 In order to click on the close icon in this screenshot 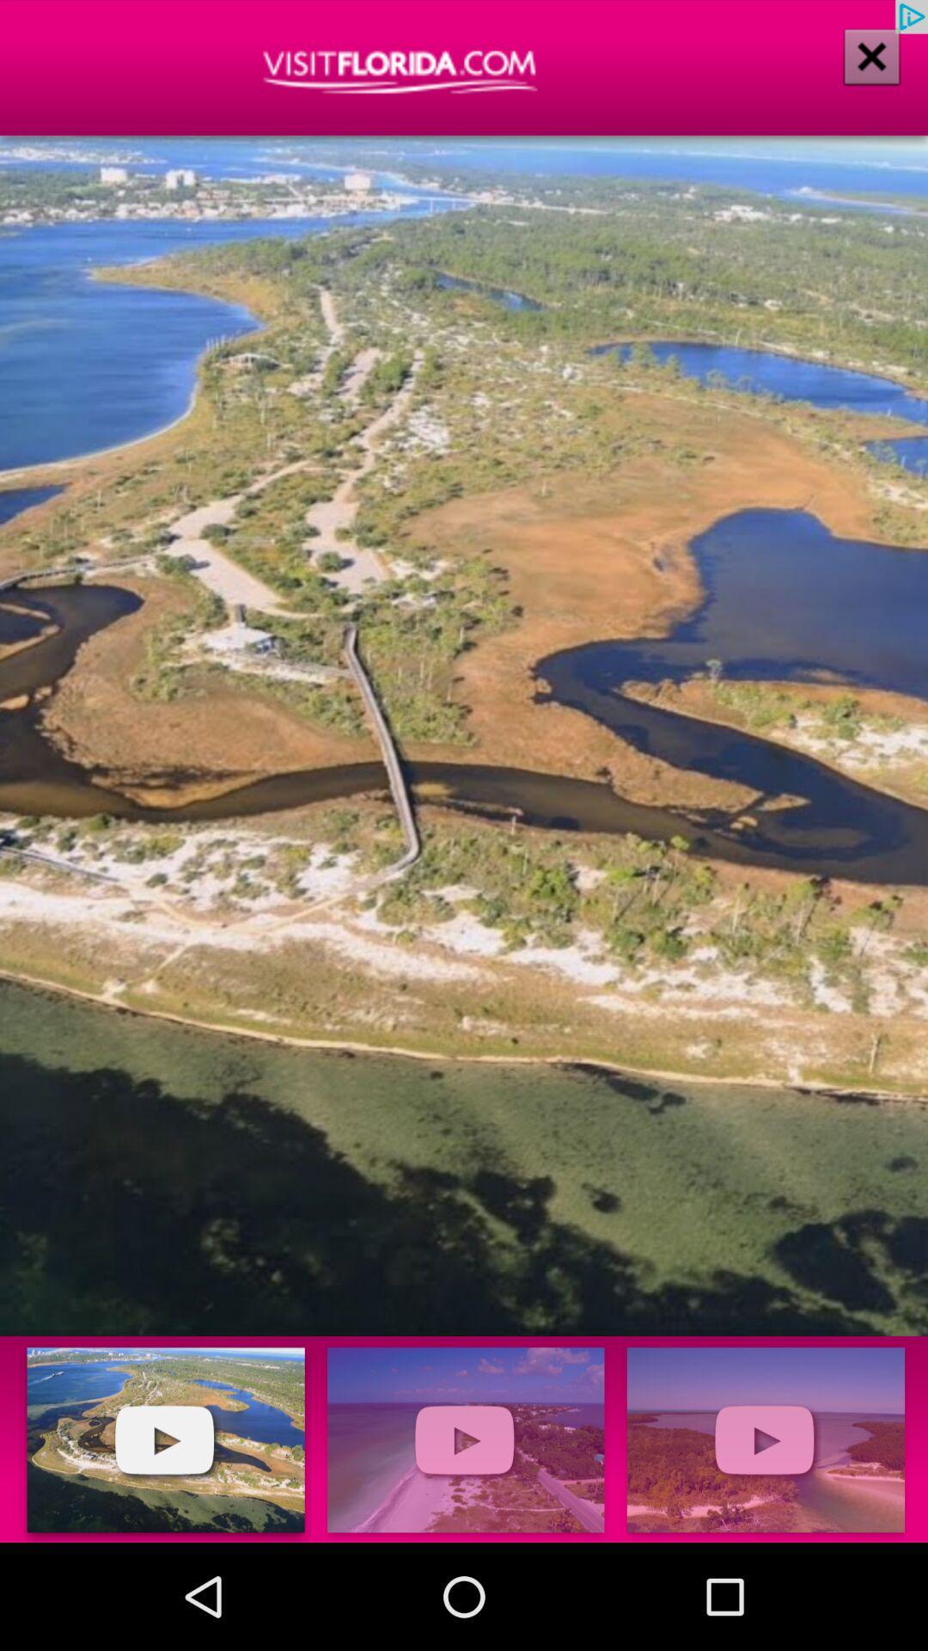, I will do `click(871, 60)`.